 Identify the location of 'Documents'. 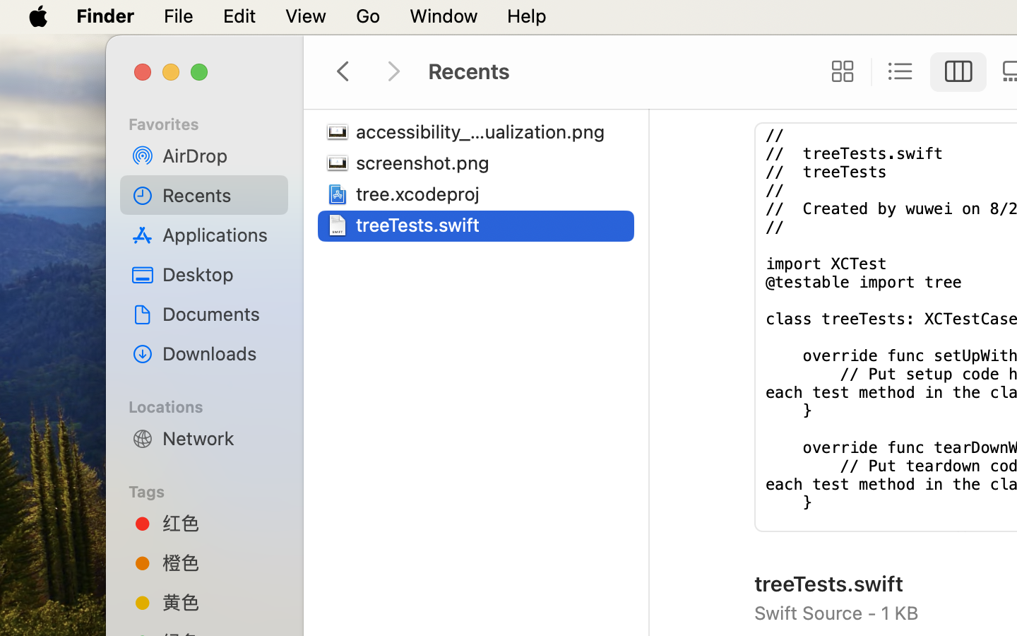
(220, 313).